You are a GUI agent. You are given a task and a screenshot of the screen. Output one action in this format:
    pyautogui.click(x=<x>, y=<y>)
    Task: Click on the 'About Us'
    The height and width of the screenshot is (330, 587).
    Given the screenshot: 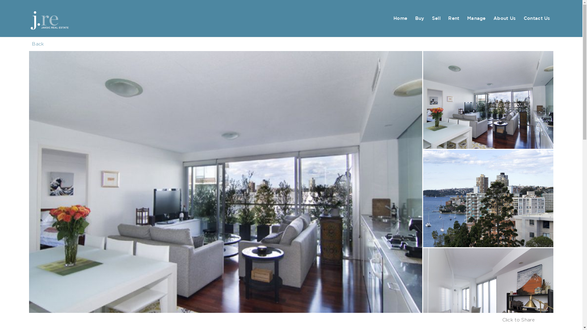 What is the action you would take?
    pyautogui.click(x=504, y=18)
    